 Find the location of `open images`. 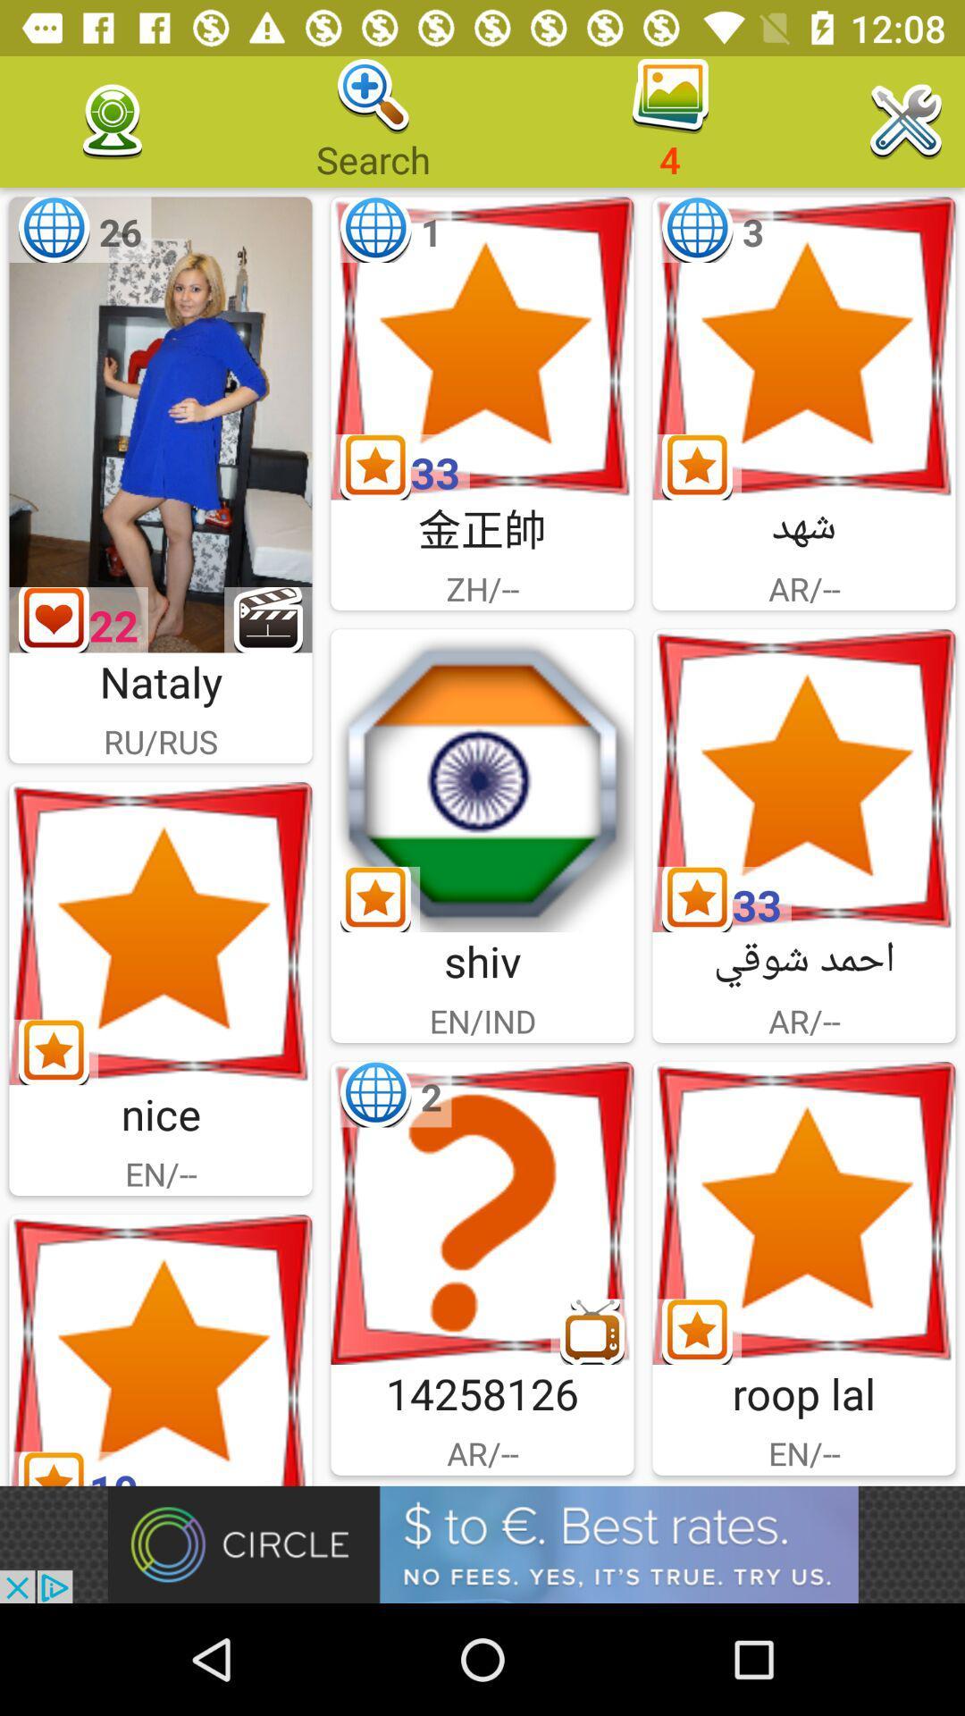

open images is located at coordinates (161, 1350).